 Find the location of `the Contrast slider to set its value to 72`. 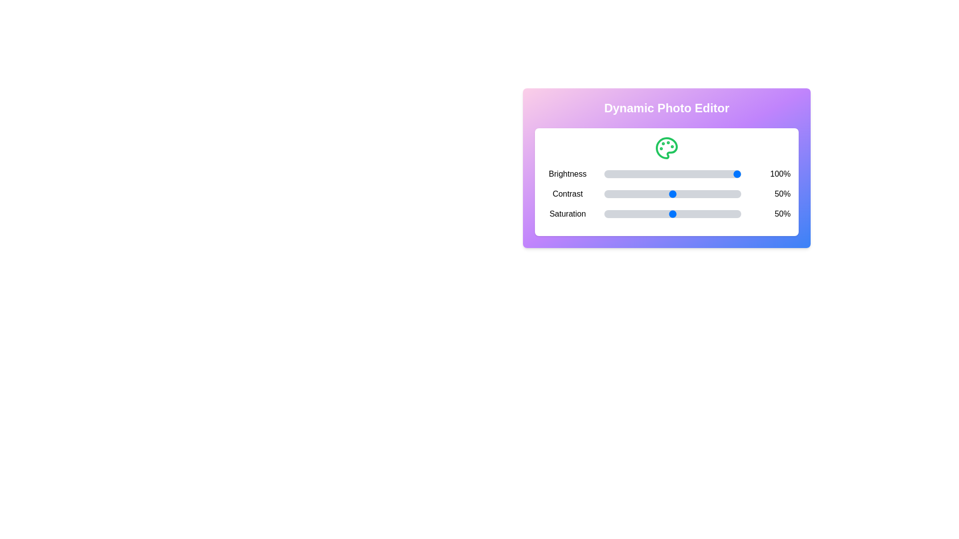

the Contrast slider to set its value to 72 is located at coordinates (702, 194).